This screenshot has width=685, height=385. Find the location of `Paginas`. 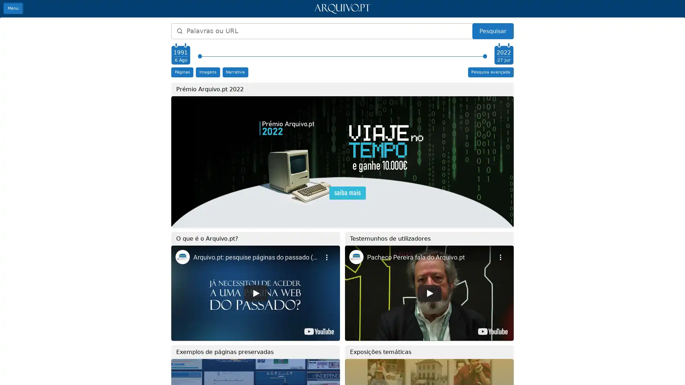

Paginas is located at coordinates (182, 72).